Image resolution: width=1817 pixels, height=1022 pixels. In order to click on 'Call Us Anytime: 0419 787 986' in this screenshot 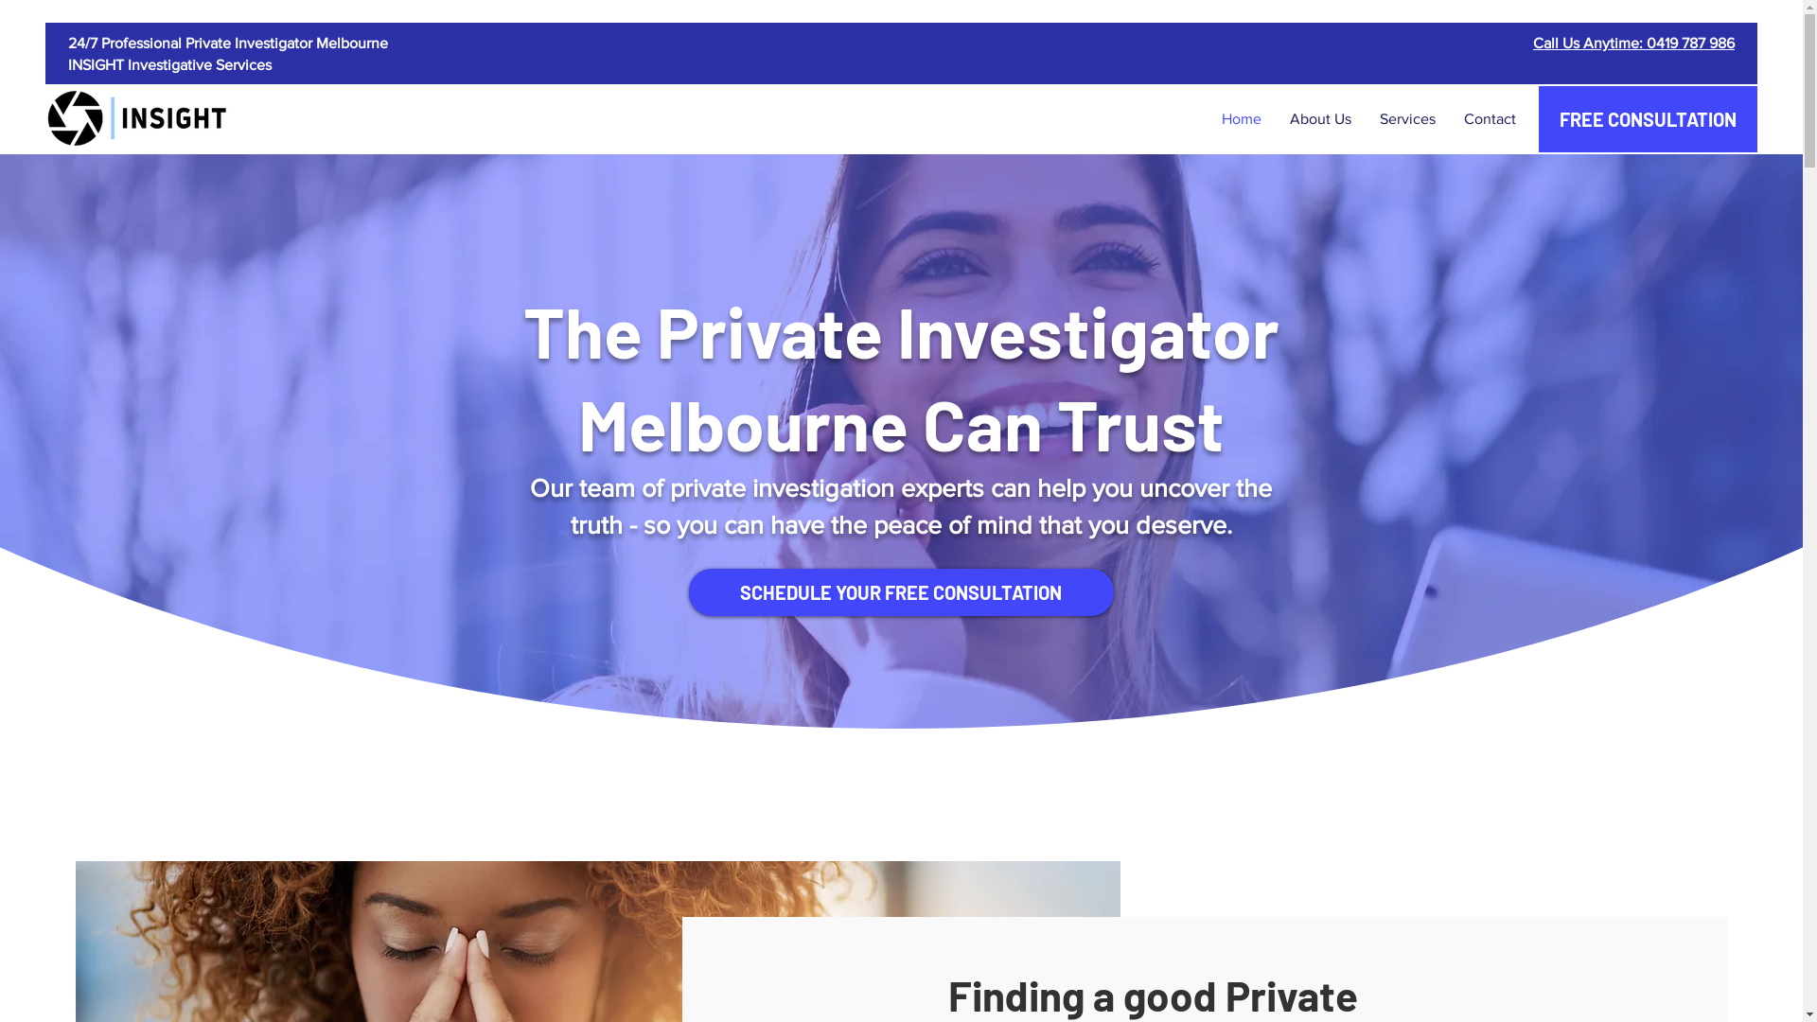, I will do `click(1632, 43)`.